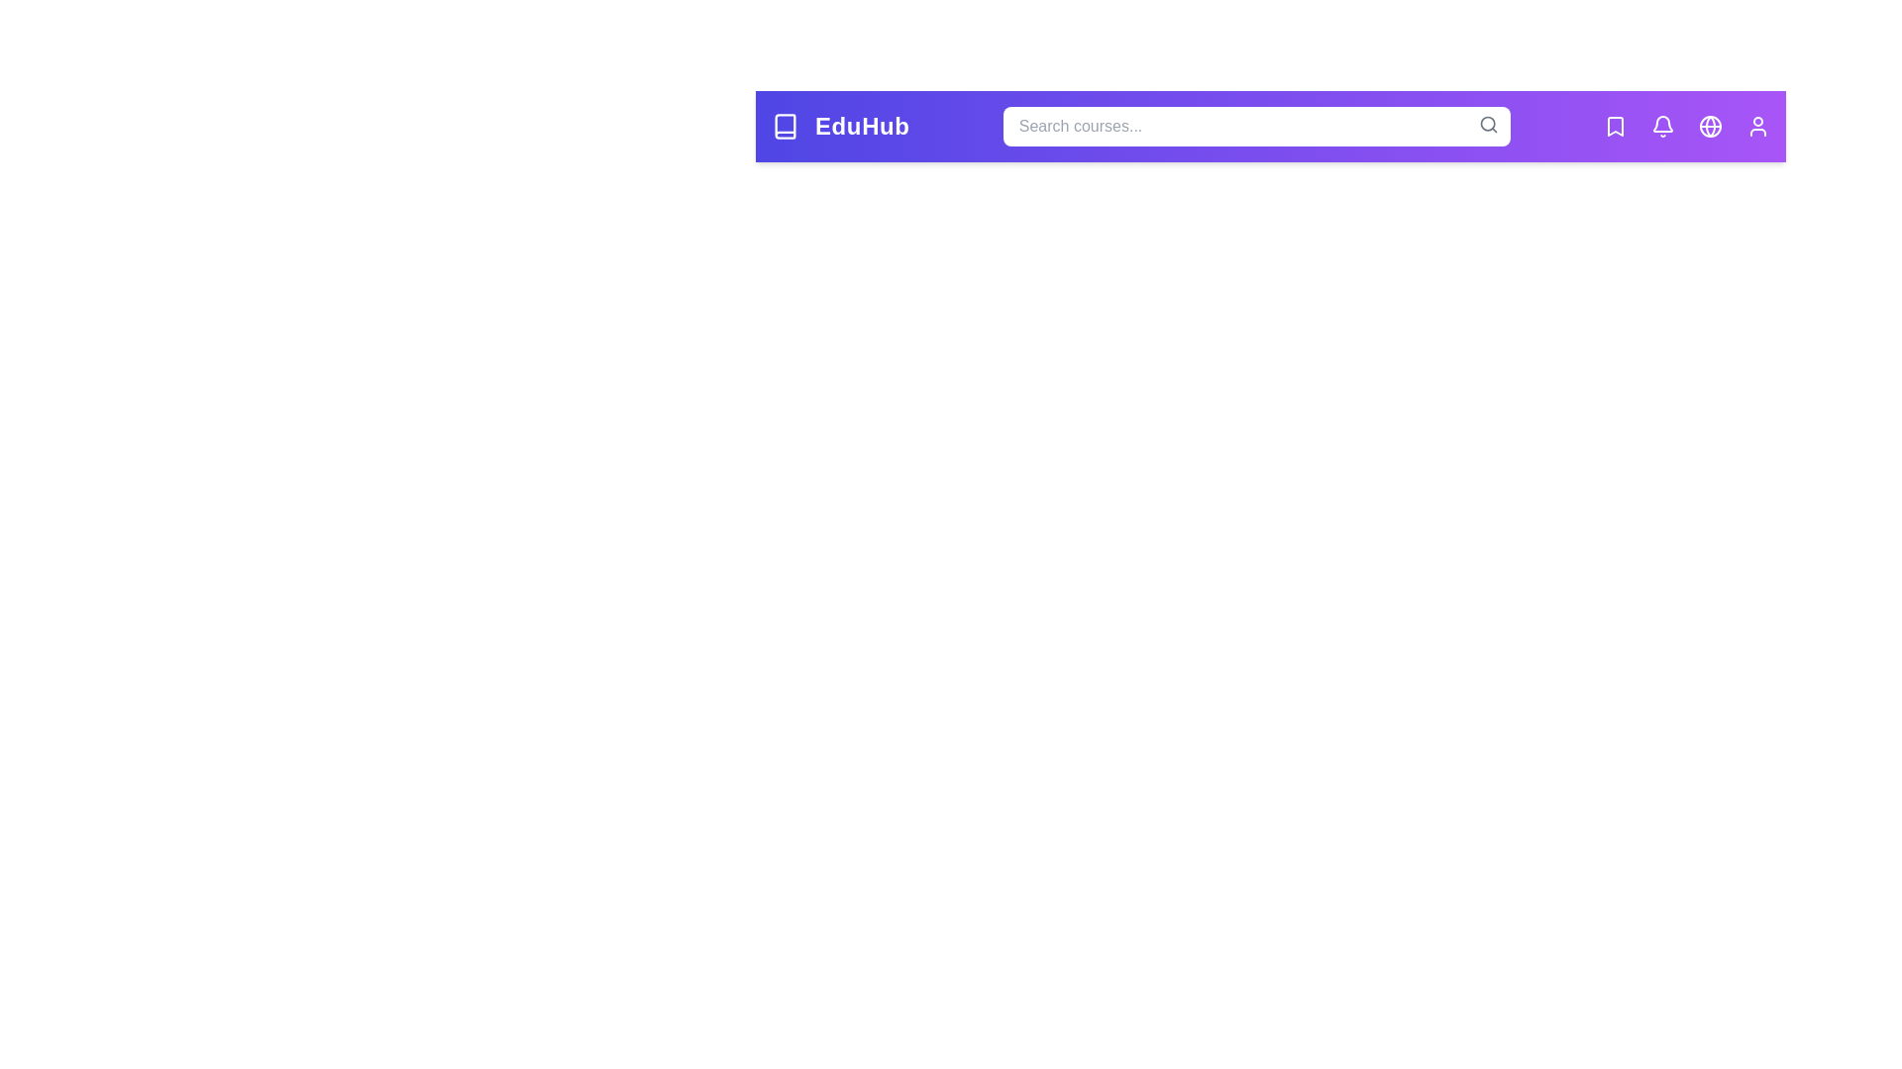 The height and width of the screenshot is (1069, 1902). Describe the element at coordinates (1758, 126) in the screenshot. I see `the 'Profile' icon to access user settings or profile` at that location.